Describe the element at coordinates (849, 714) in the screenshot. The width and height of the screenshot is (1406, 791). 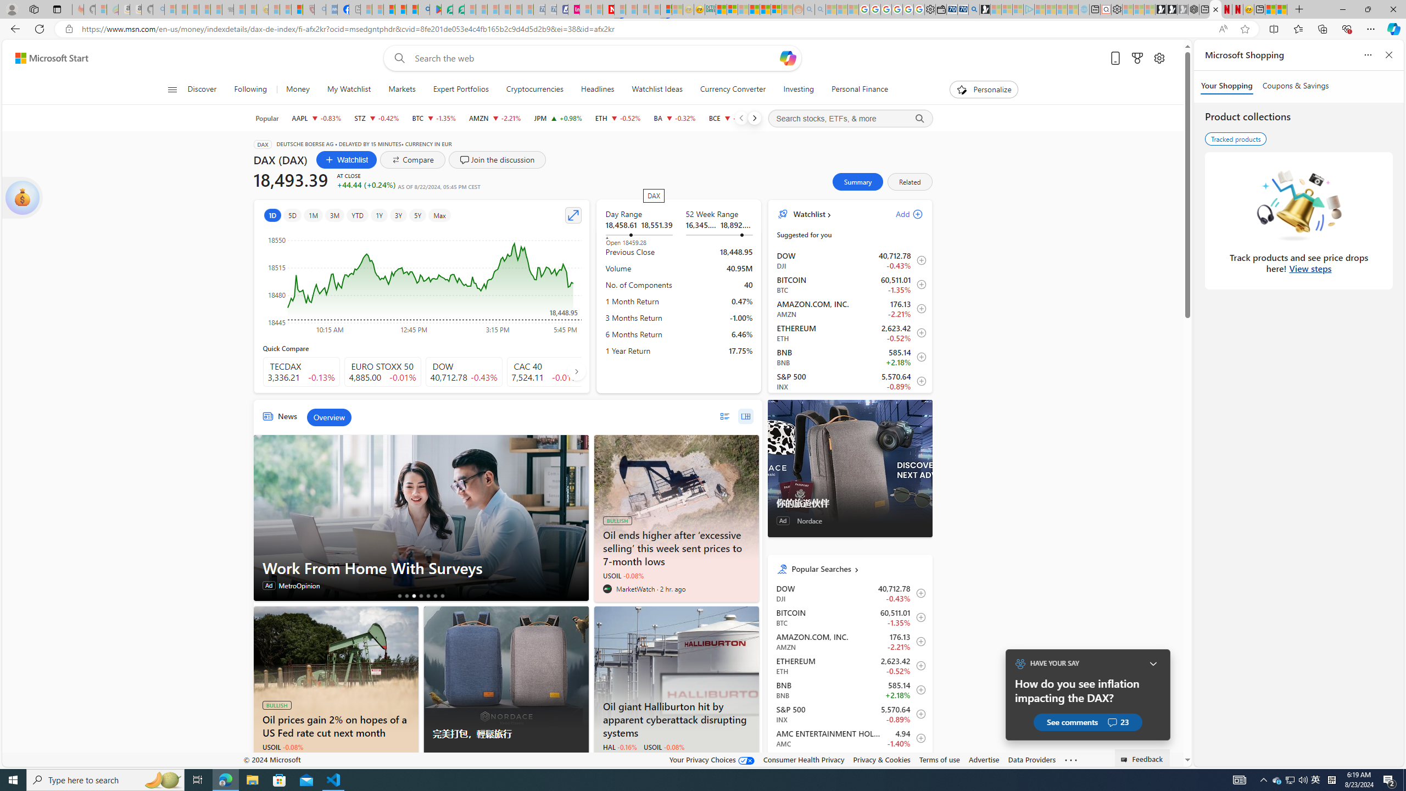
I see `'INX S&P 500 decrease 5,570.64 -50.21 -0.89% itemundefined'` at that location.